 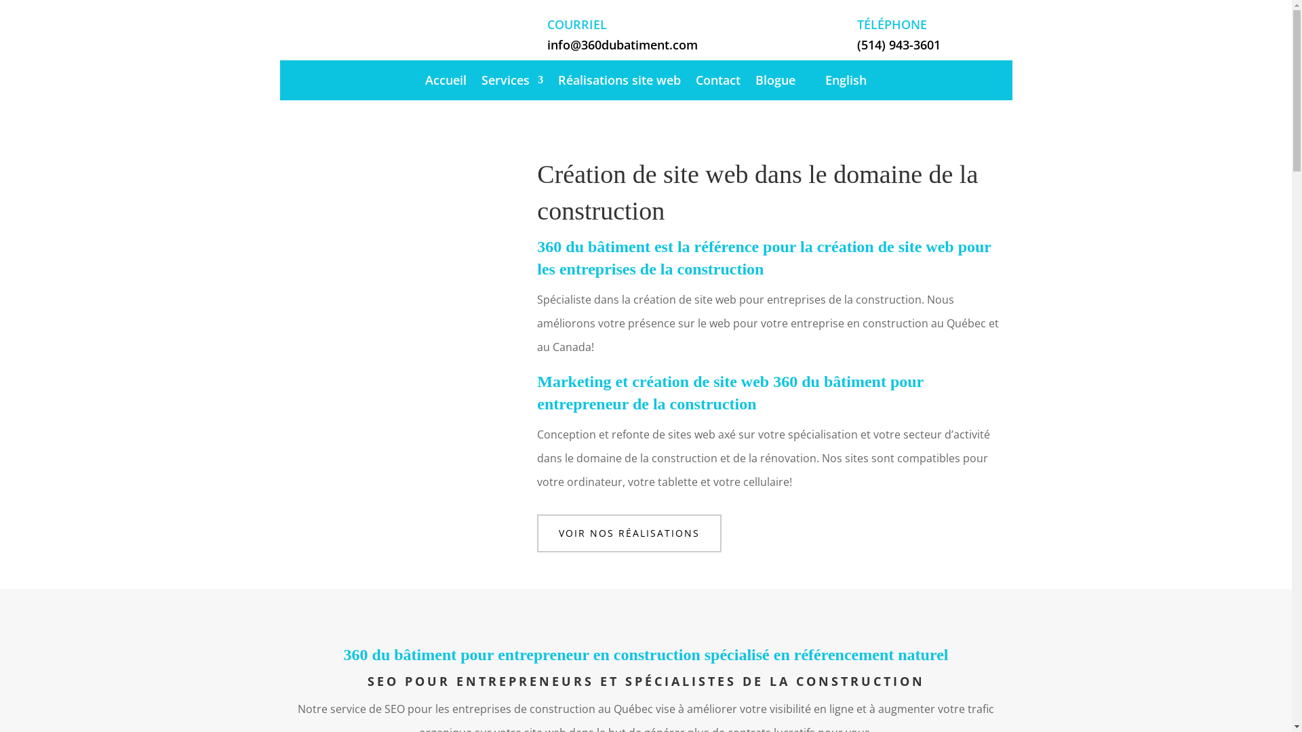 I want to click on 'Accueil', so click(x=446, y=83).